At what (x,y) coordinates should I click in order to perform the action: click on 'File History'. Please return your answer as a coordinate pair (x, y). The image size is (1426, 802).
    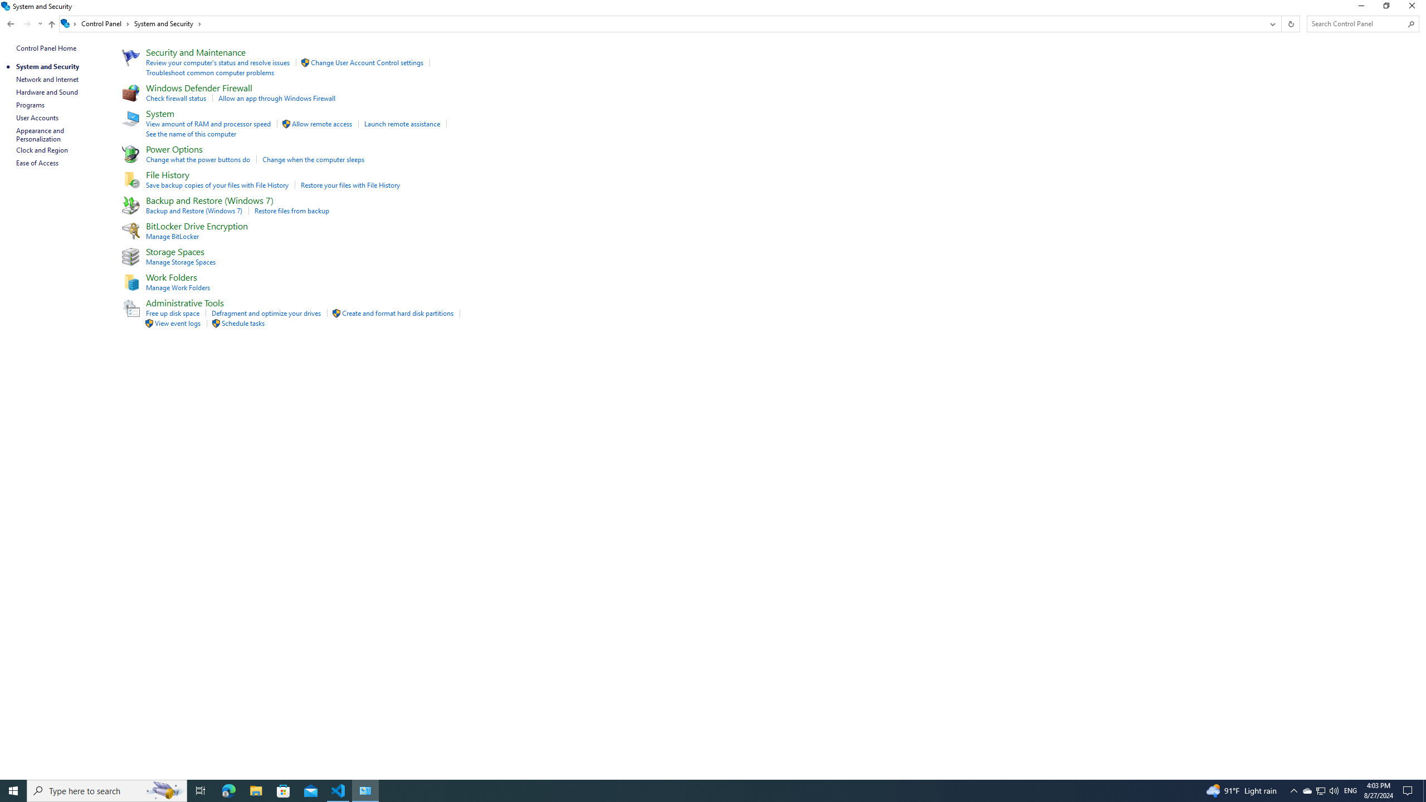
    Looking at the image, I should click on (168, 174).